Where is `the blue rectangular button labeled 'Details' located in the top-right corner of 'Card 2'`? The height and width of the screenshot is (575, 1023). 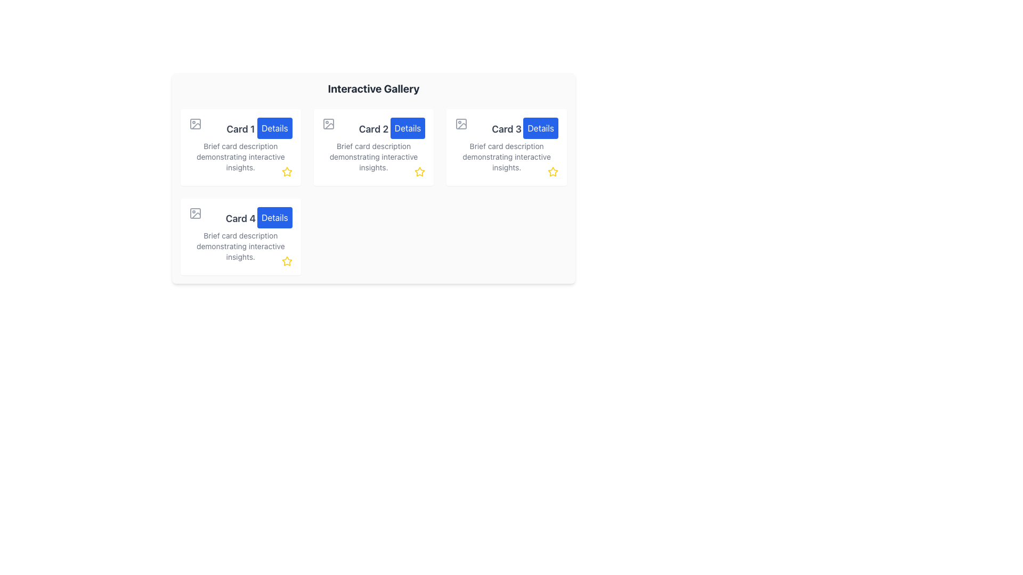
the blue rectangular button labeled 'Details' located in the top-right corner of 'Card 2' is located at coordinates (407, 127).